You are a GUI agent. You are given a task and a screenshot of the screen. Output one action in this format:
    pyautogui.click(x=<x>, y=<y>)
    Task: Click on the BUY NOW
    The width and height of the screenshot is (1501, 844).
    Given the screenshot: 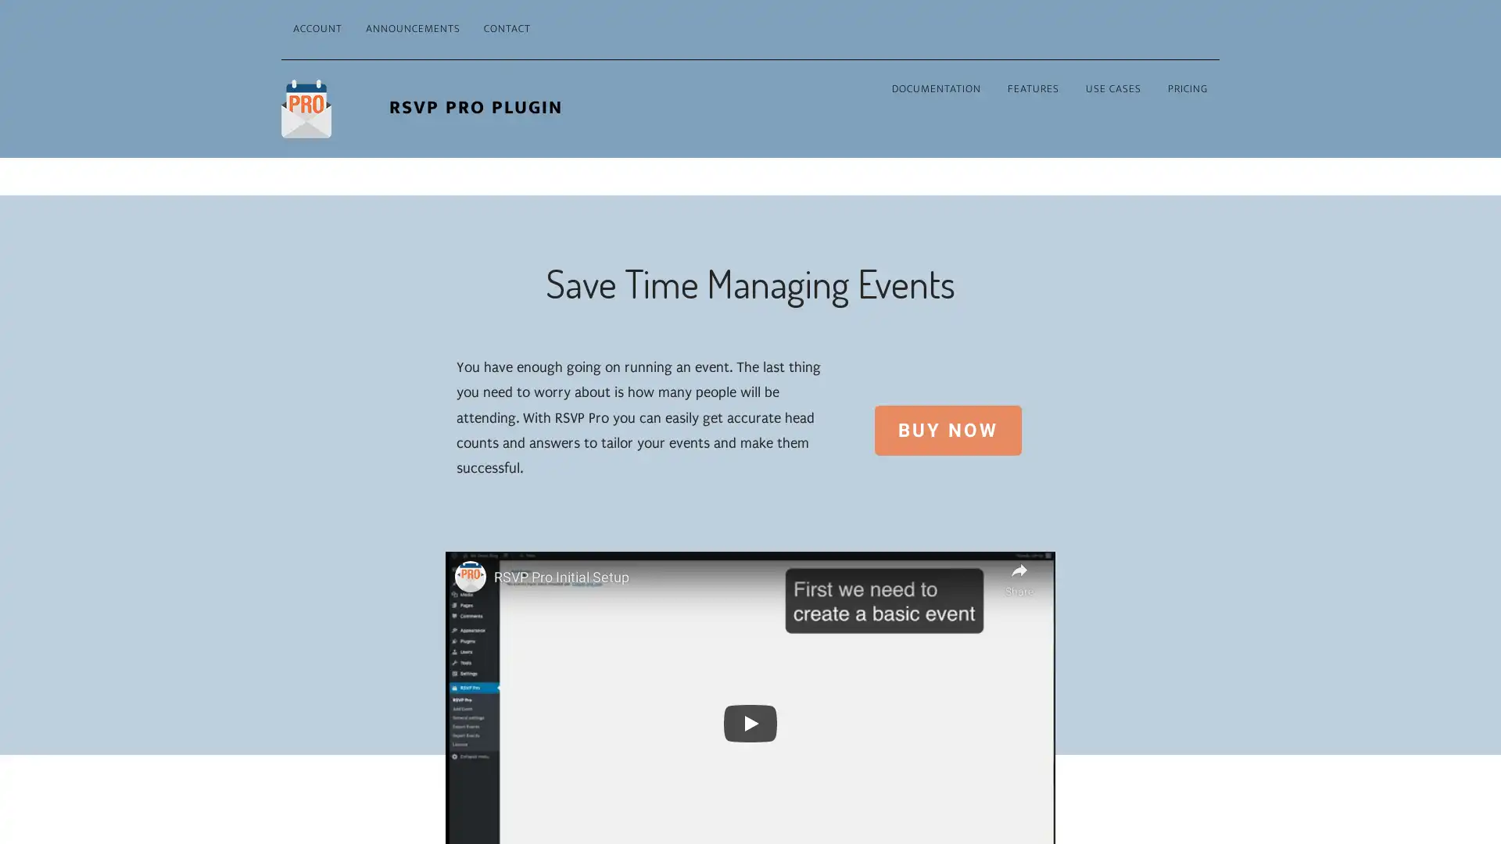 What is the action you would take?
    pyautogui.click(x=946, y=430)
    